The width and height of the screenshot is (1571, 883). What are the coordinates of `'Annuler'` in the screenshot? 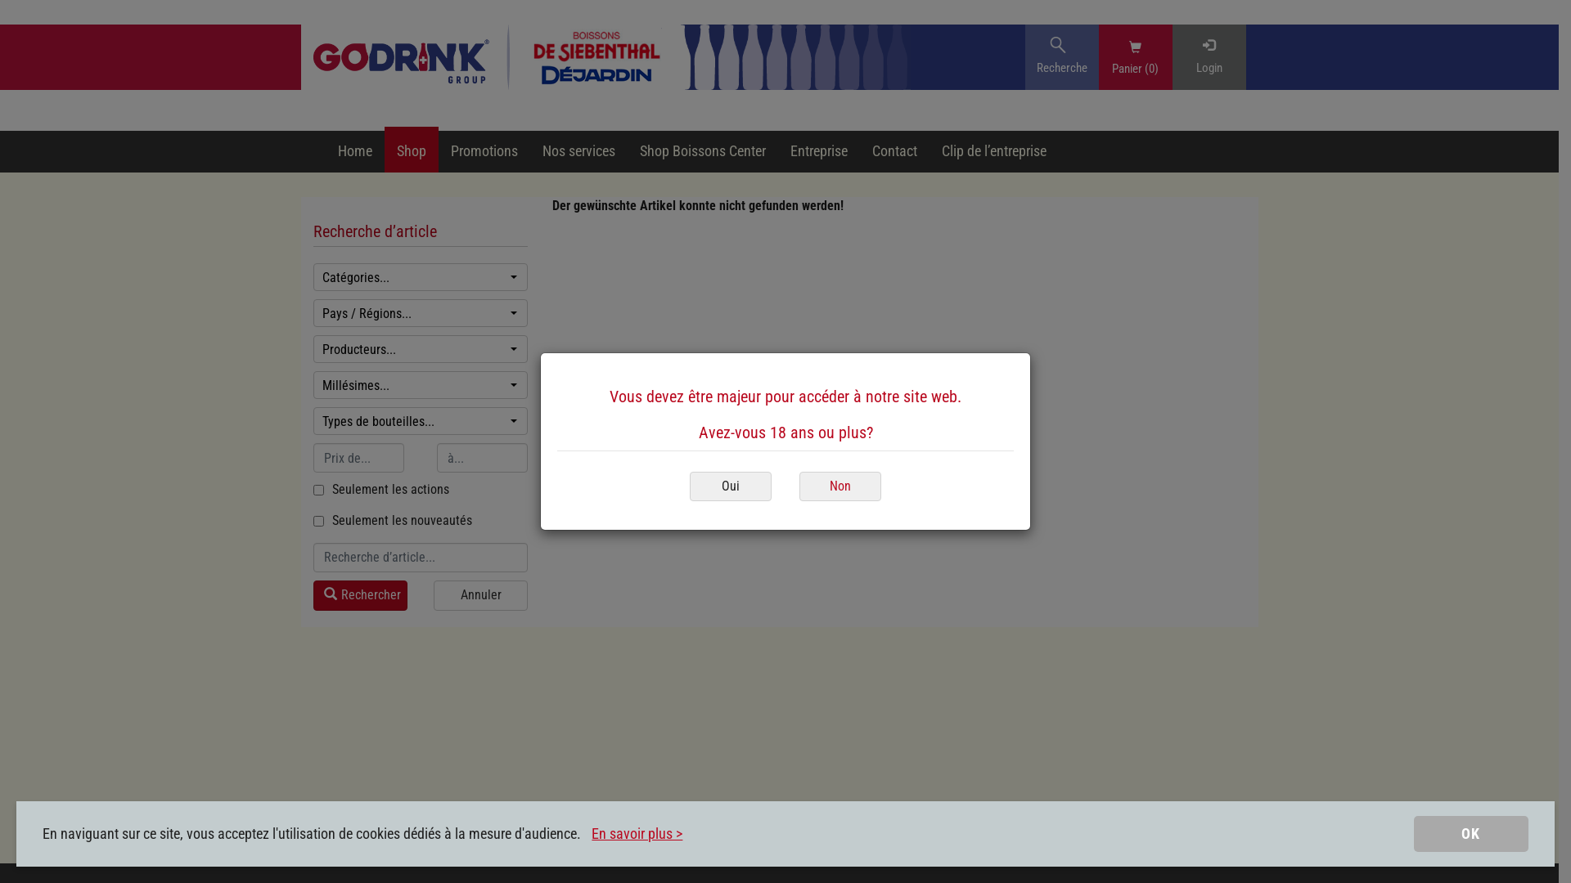 It's located at (479, 595).